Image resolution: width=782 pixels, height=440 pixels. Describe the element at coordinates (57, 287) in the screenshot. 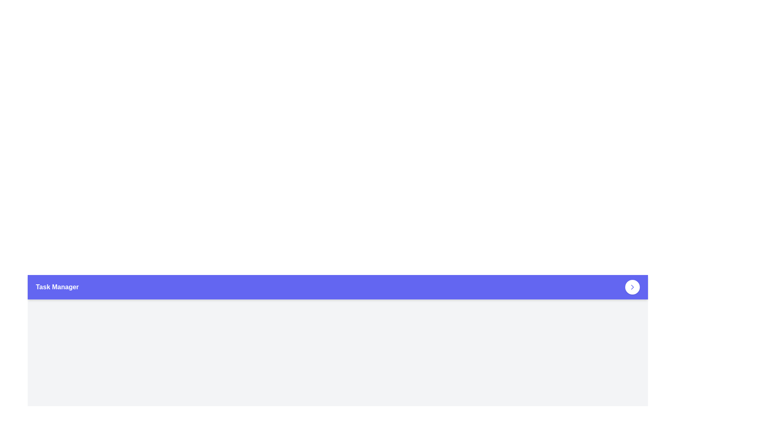

I see `the Static Text Label displaying 'Task Manager' on a purple background located on the far left of the header section` at that location.